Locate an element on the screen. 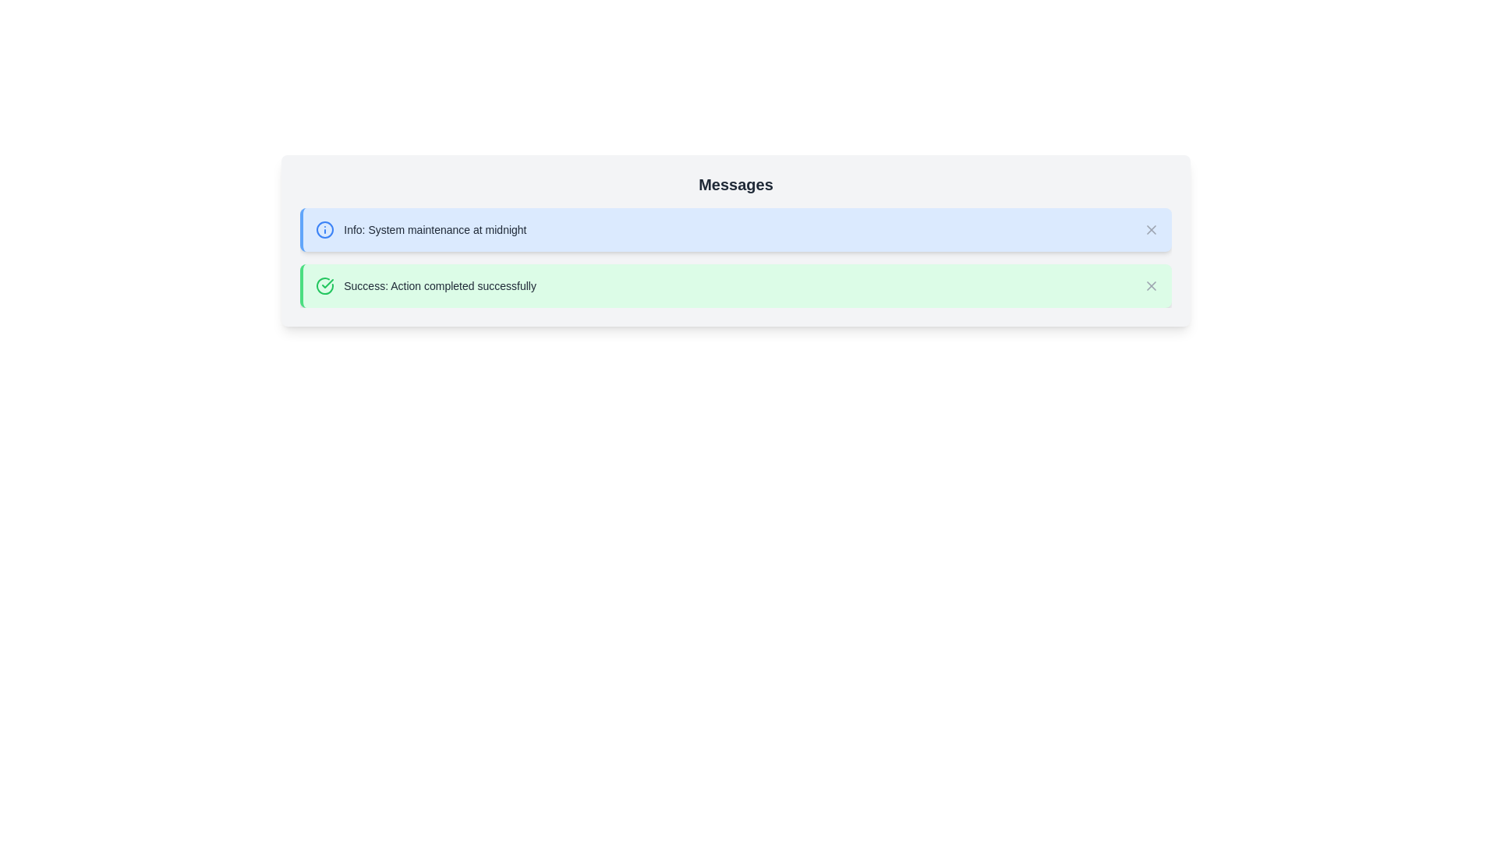 This screenshot has width=1497, height=842. the blue circular information icon that is located next to the text 'Info: System maintenance at midnight' is located at coordinates (324, 229).